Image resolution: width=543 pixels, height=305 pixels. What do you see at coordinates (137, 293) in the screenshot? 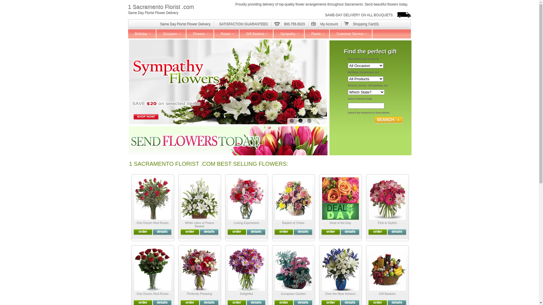
I see `'One Dozen Red Roses'` at bounding box center [137, 293].